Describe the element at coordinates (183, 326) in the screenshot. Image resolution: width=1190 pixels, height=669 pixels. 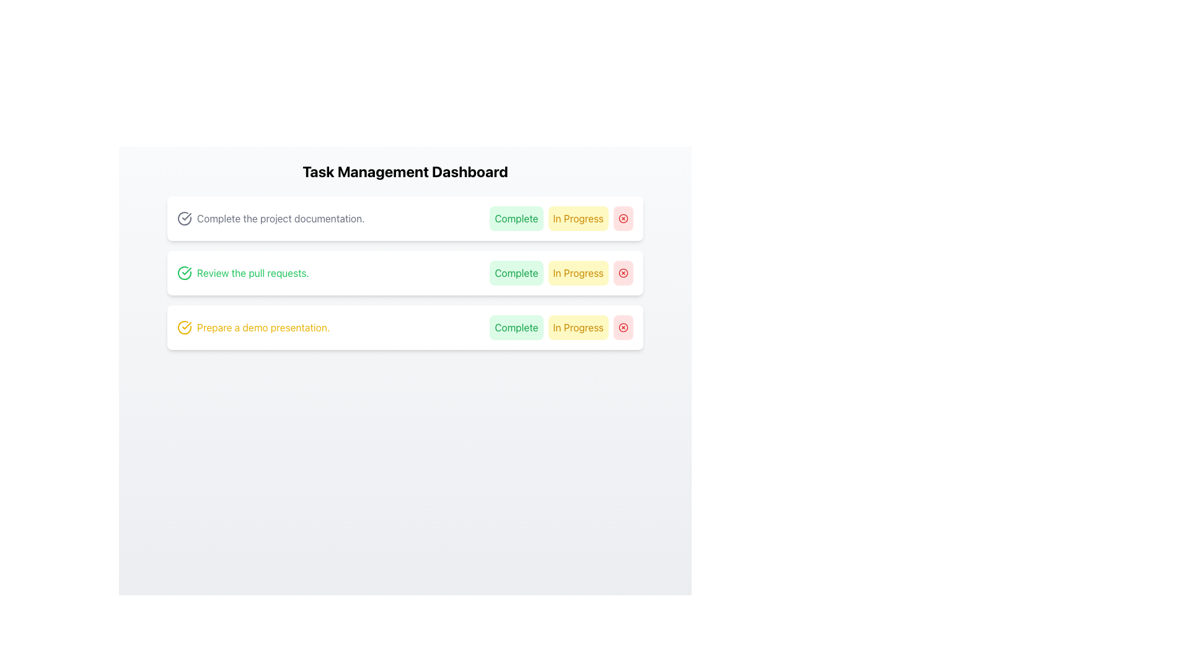
I see `the upper portion of the circular border in the checkmark icon next to the text 'Prepare a demo presentation.' which indicates a completed task` at that location.